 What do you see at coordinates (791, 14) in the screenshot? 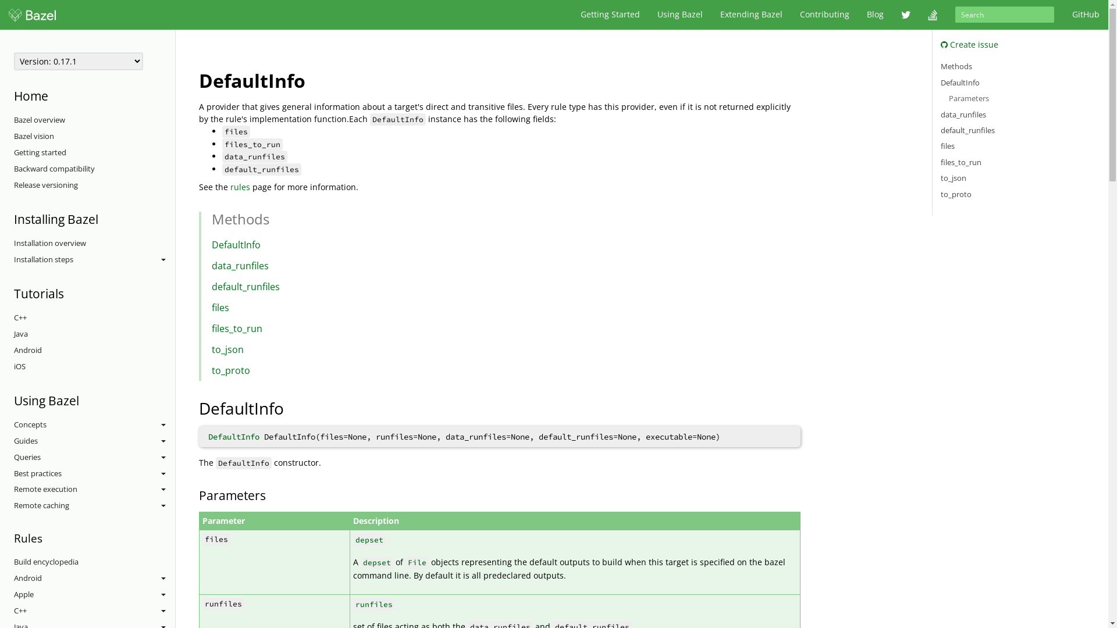
I see `'Contributing'` at bounding box center [791, 14].